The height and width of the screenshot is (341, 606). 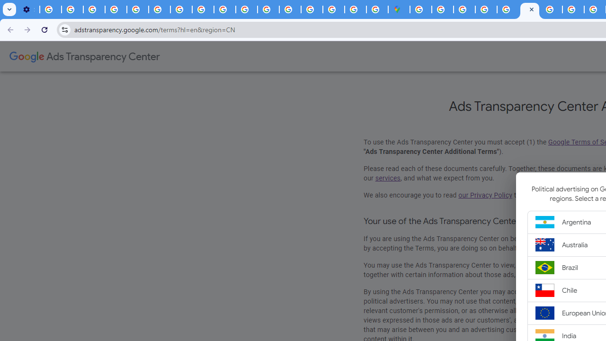 What do you see at coordinates (551, 9) in the screenshot?
I see `'Blogger Policies and Guidelines - Transparency Center'` at bounding box center [551, 9].